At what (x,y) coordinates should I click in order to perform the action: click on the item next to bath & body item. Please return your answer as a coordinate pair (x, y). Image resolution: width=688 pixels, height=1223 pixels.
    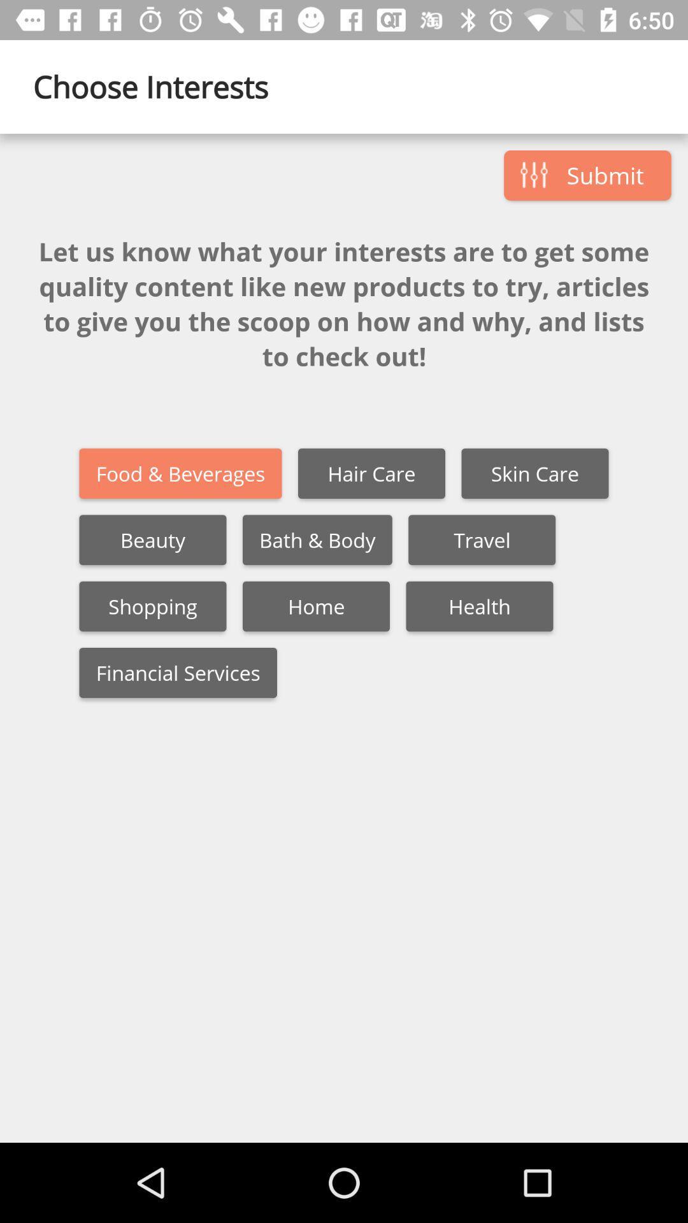
    Looking at the image, I should click on (152, 540).